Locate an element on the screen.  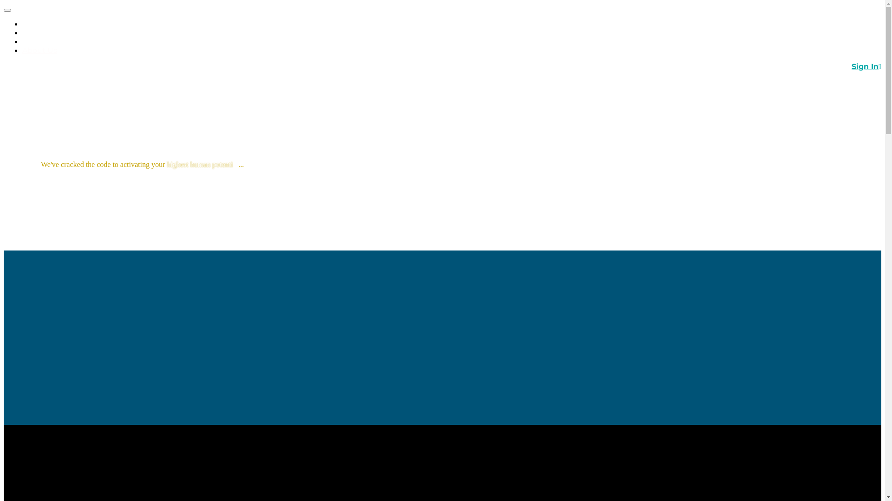
'Tools' is located at coordinates (31, 41).